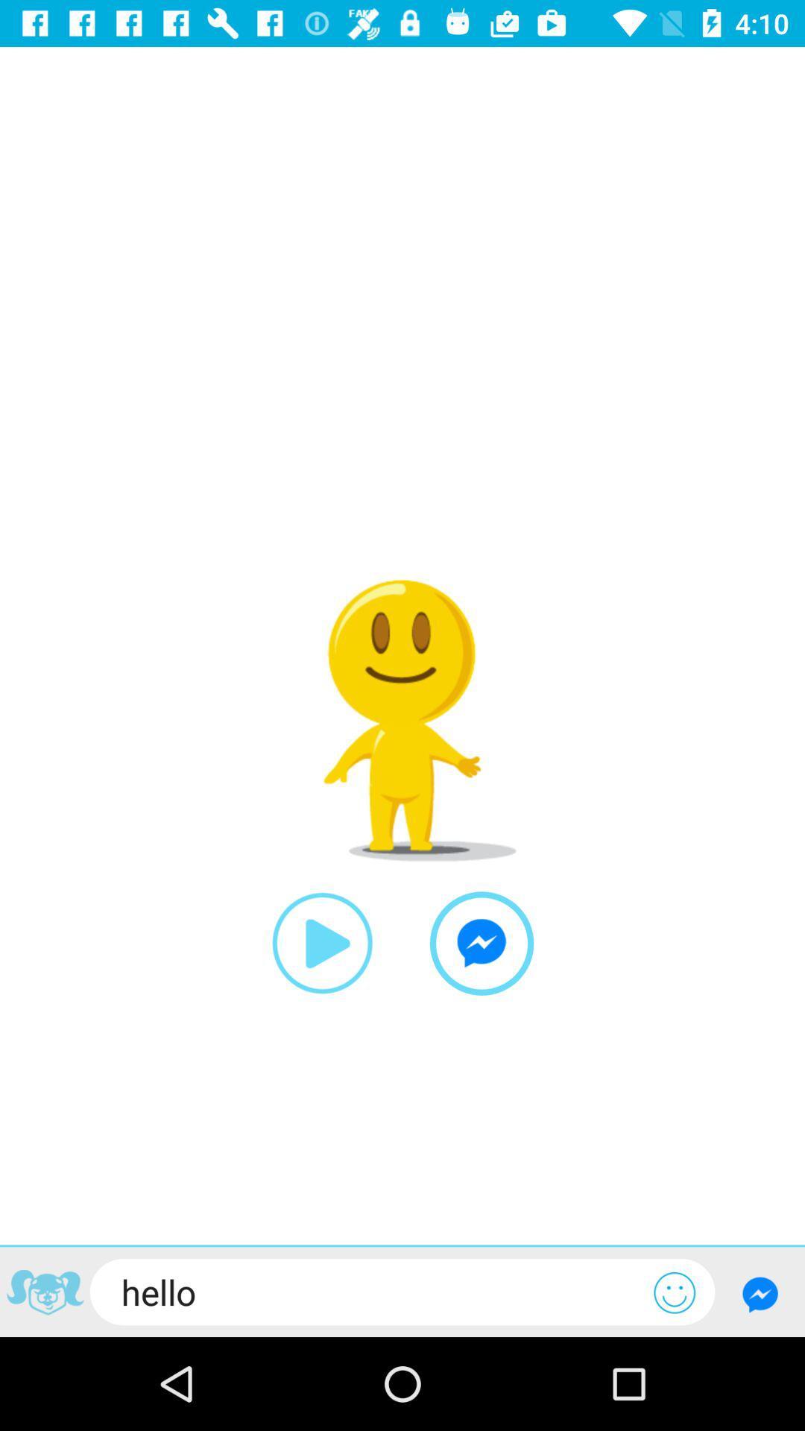 This screenshot has width=805, height=1431. I want to click on send emoji, so click(675, 1292).